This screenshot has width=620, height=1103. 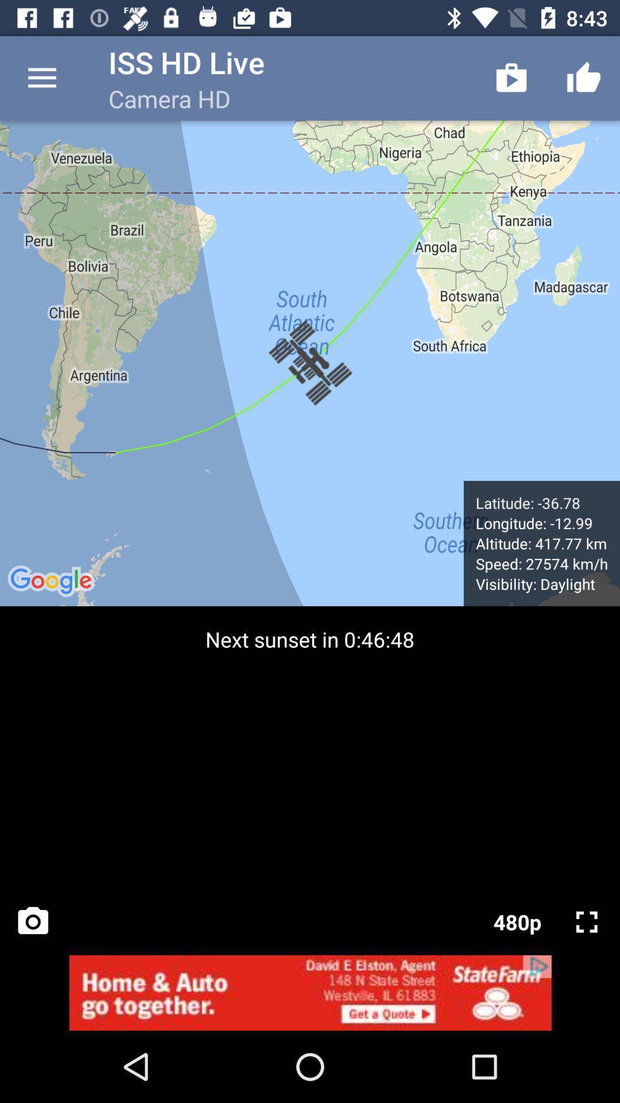 I want to click on advatisment, so click(x=310, y=992).